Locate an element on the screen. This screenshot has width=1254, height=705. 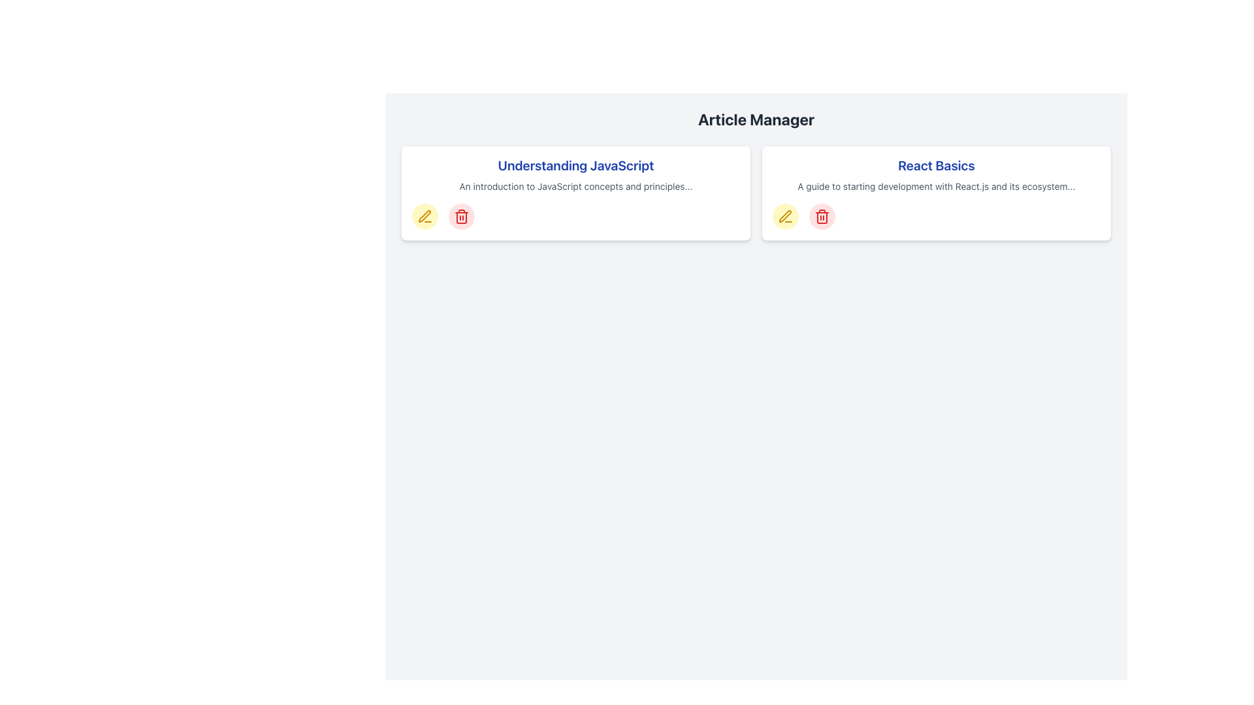
the red trashcan icon used for deletion functionality located in the actions section of the 'Understanding JavaScript' card is located at coordinates (461, 215).